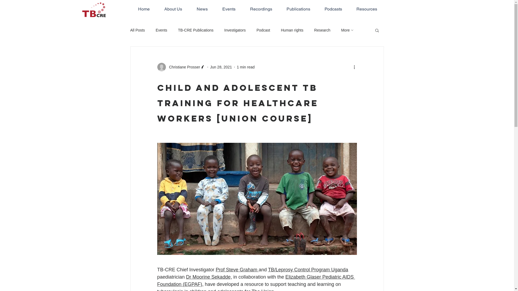  Describe the element at coordinates (173, 9) in the screenshot. I see `'About Us'` at that location.